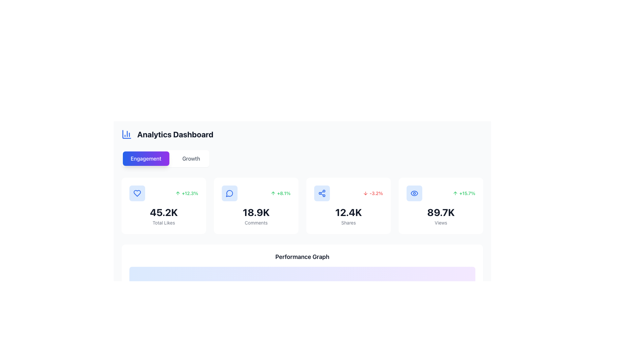 This screenshot has height=354, width=629. I want to click on the upward-pointing arrow icon with a green stroke, located to the left of the '+15.7%' percentage text in the 'Views' statistics card at the bottom-right corner of the dashboard, so click(455, 193).